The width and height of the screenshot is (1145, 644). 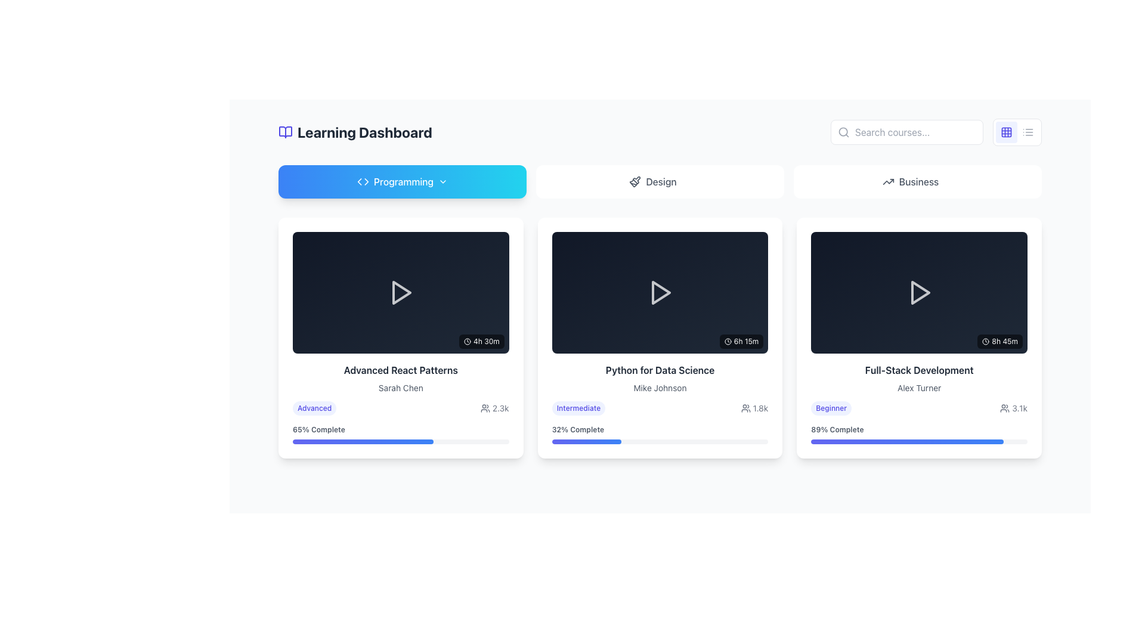 What do you see at coordinates (466, 341) in the screenshot?
I see `the clock icon located to the left of the text '4h 30m' in the bottom part of the 'Advanced React Patterns' card, which is in the right corner of the video thumbnail area under the 'Programming' section` at bounding box center [466, 341].